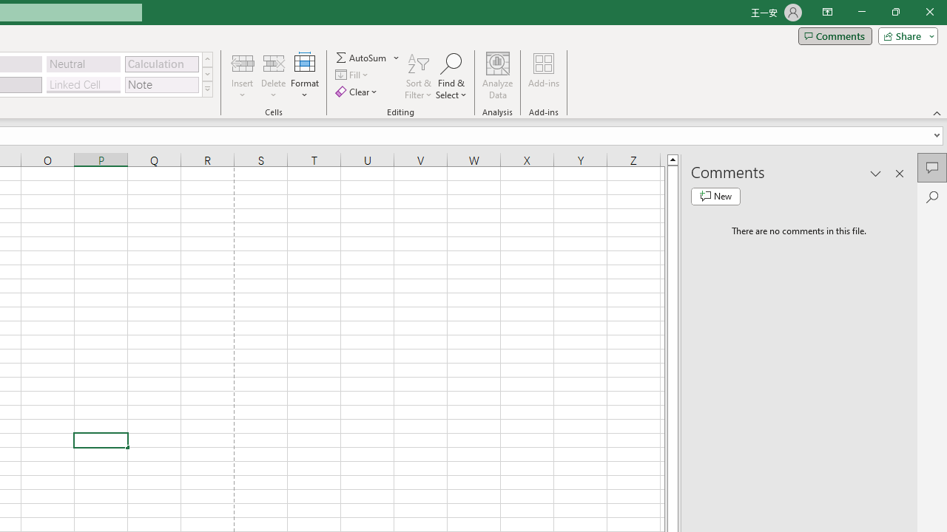 This screenshot has width=947, height=532. I want to click on 'Delete Cells...', so click(273, 62).